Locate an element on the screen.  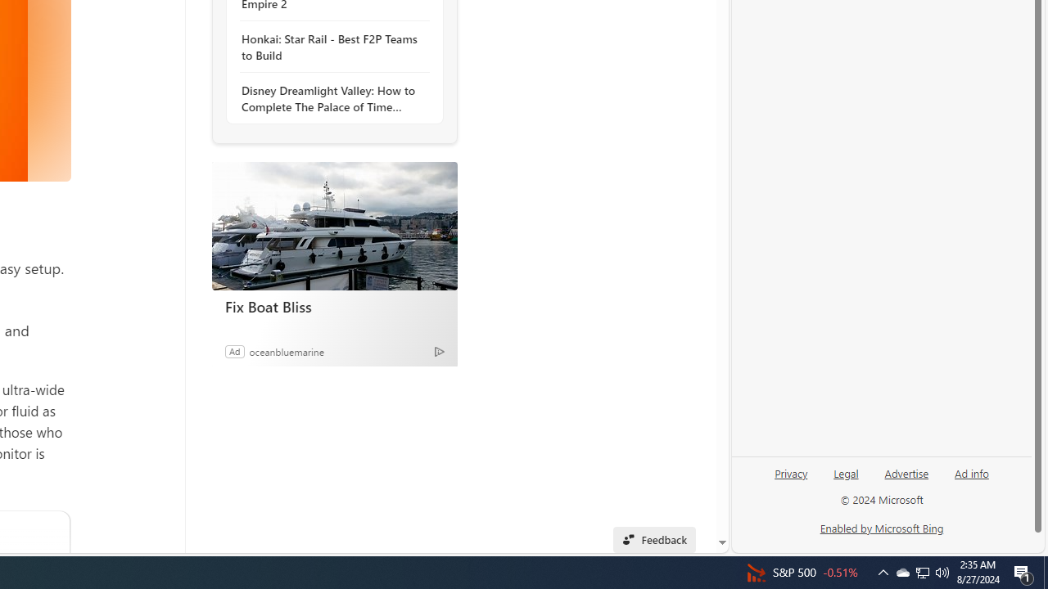
'Honkai: Star Rail - Best F2P Teams to Build' is located at coordinates (329, 46).